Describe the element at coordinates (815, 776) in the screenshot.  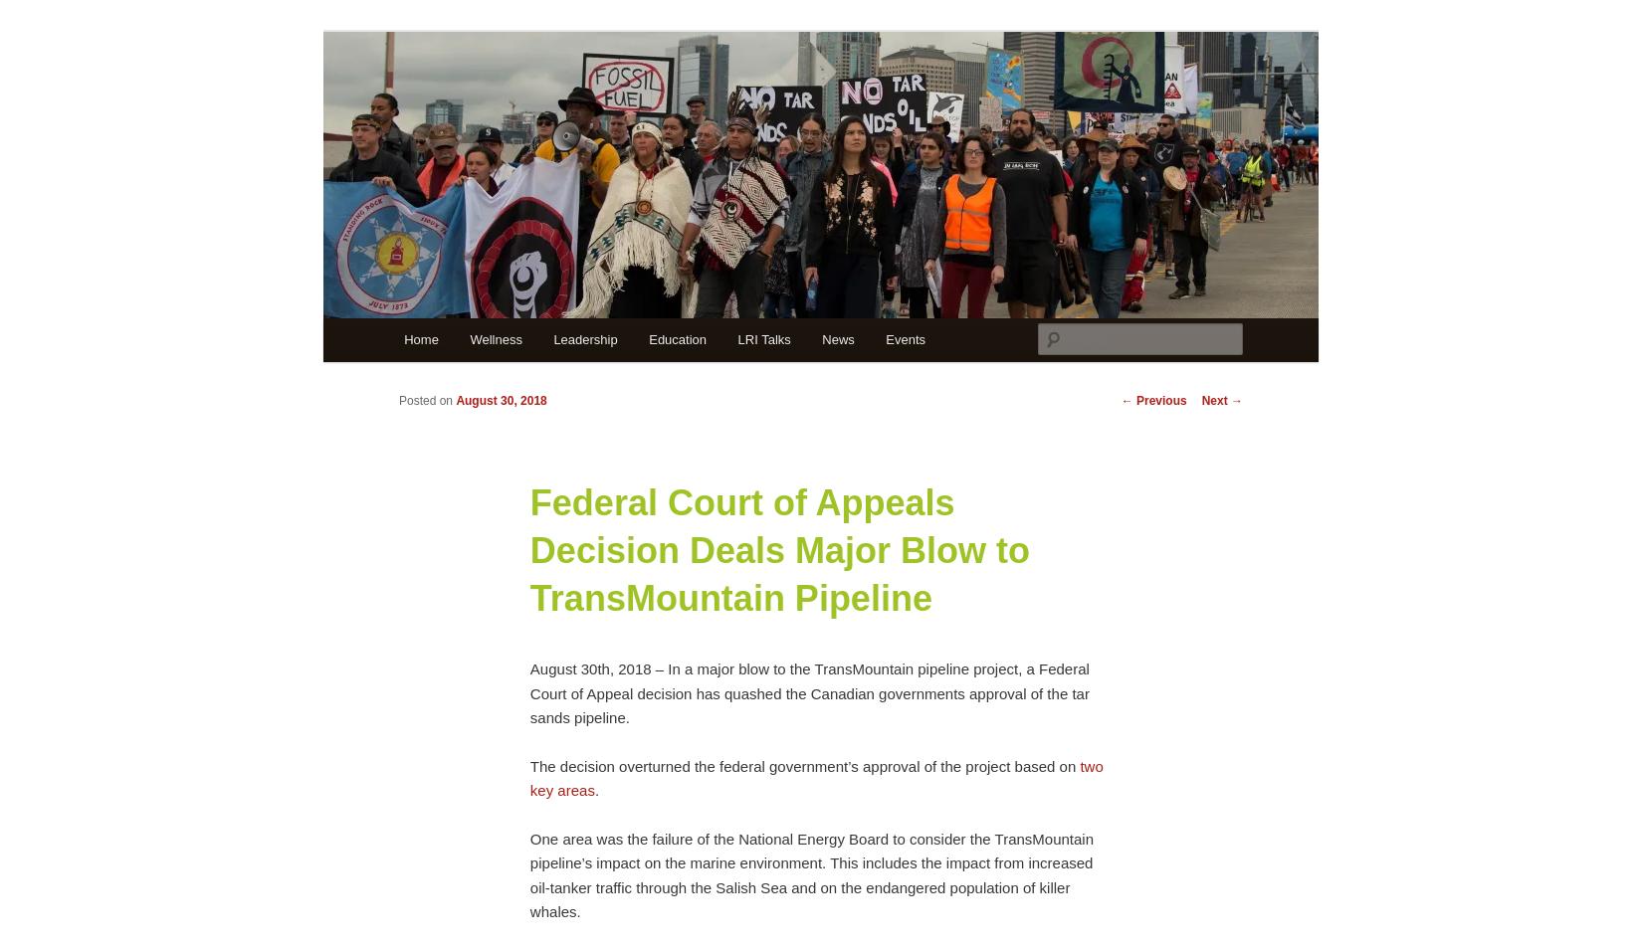
I see `'two key areas'` at that location.